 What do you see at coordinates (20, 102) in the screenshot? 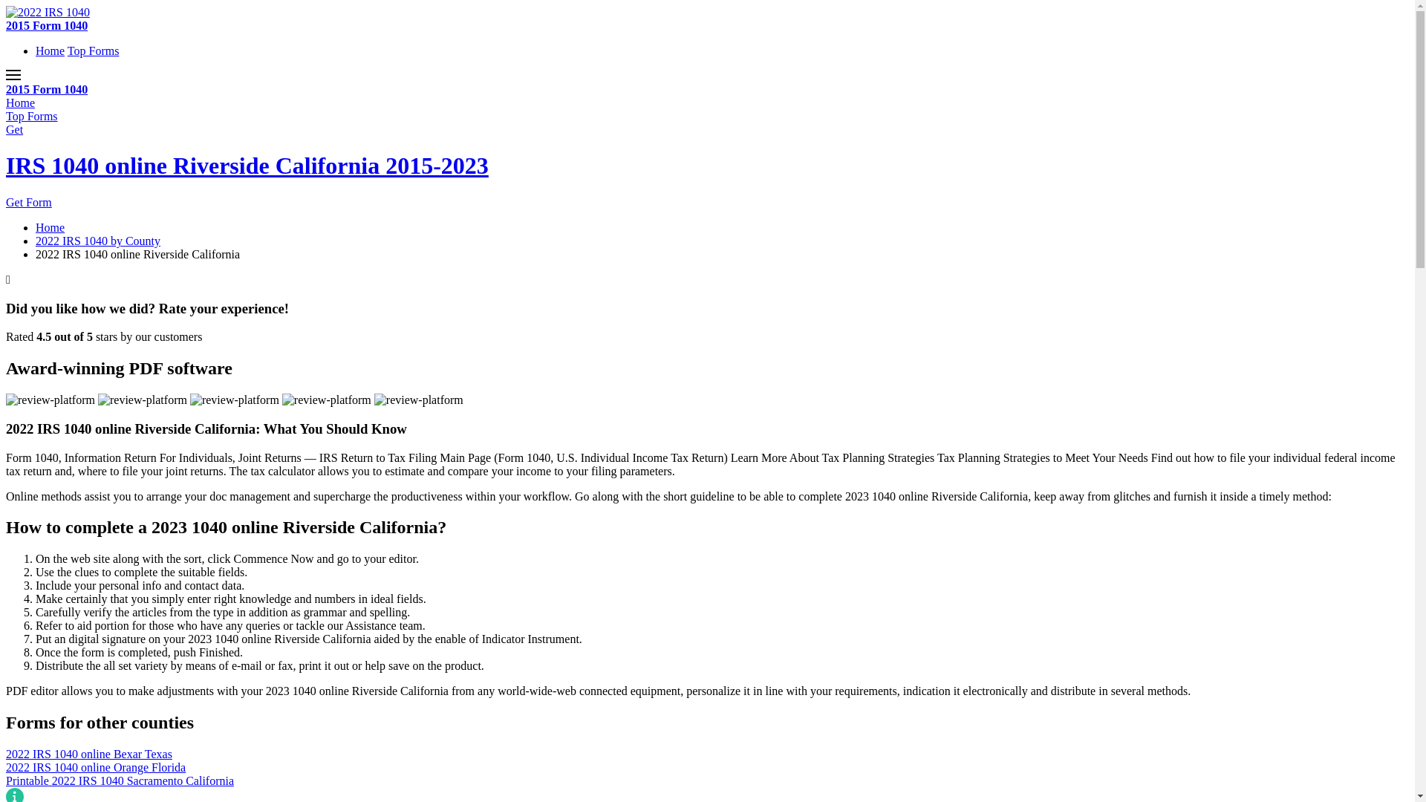
I see `'Home'` at bounding box center [20, 102].